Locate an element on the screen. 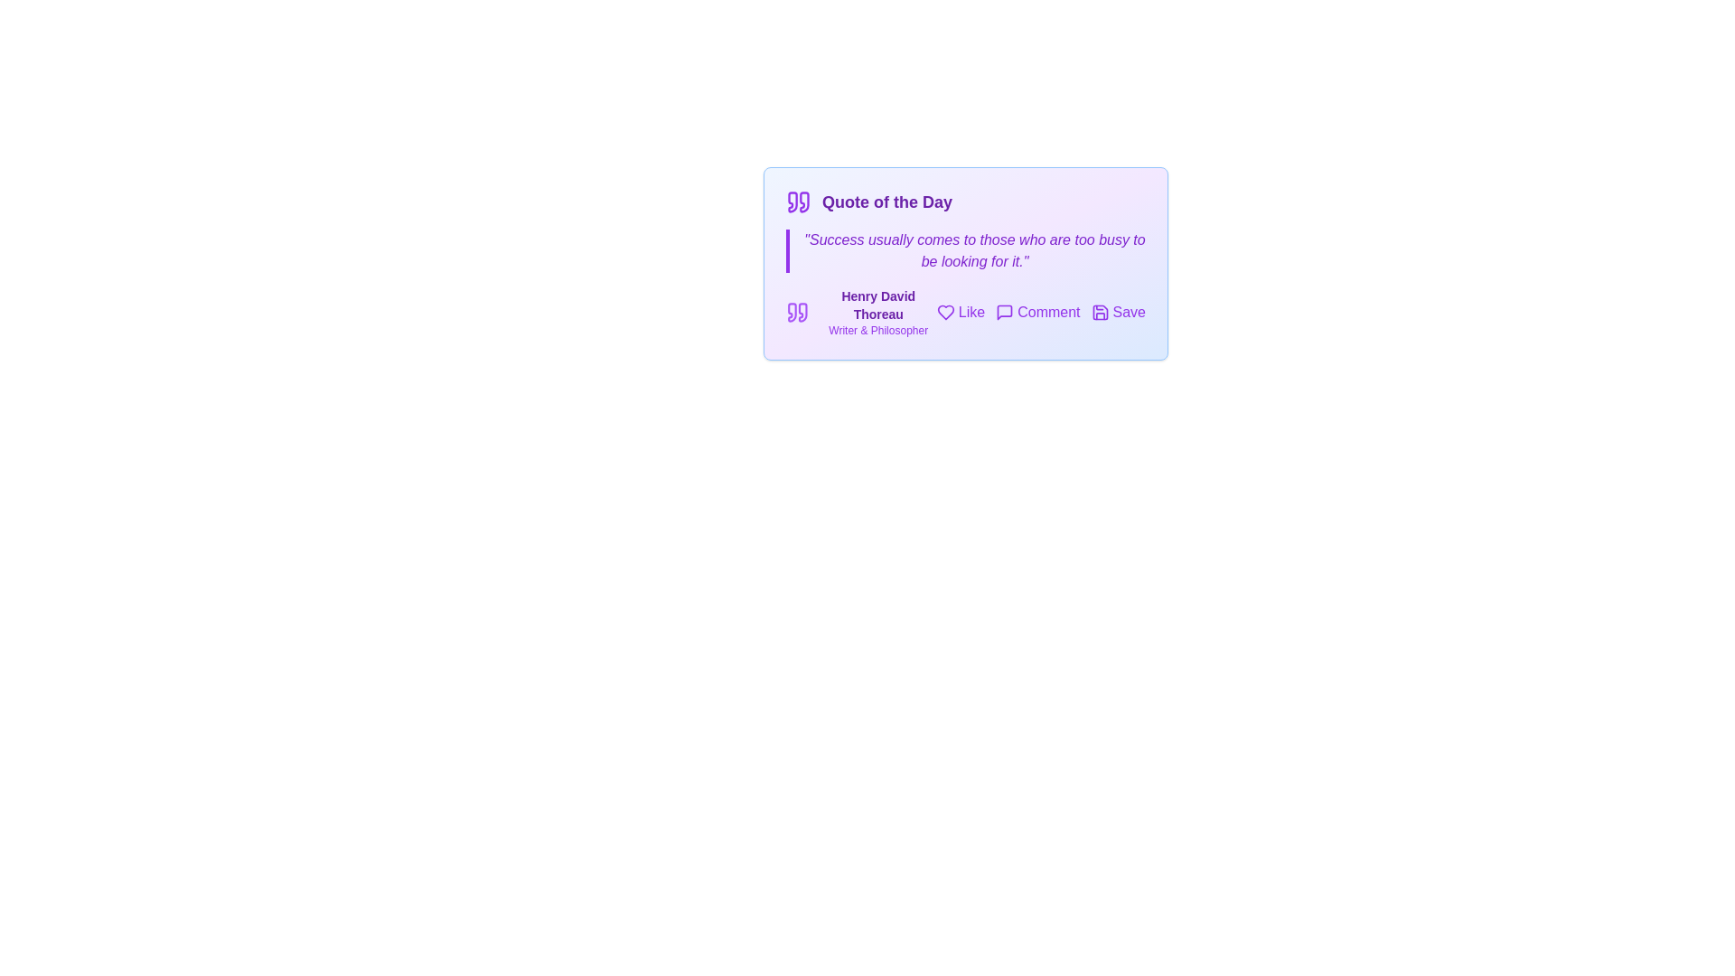  the 'Save' button located in the bottom-right corner of the card section containing a quote, positioned adjacent to the 'Comment' and 'Like' buttons is located at coordinates (1128, 312).